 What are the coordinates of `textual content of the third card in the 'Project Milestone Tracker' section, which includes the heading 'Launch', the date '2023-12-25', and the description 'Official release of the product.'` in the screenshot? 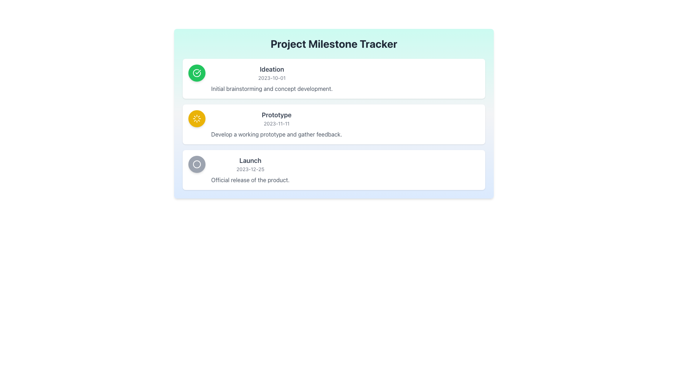 It's located at (250, 170).